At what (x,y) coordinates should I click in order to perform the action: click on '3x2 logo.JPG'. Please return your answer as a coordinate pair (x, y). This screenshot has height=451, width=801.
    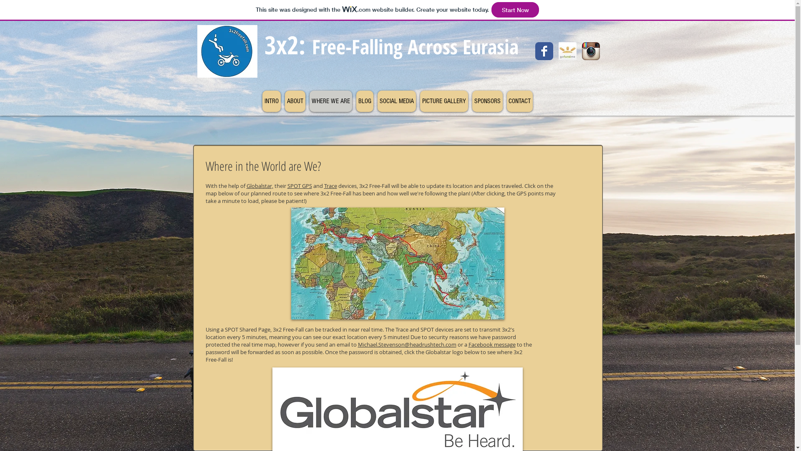
    Looking at the image, I should click on (227, 51).